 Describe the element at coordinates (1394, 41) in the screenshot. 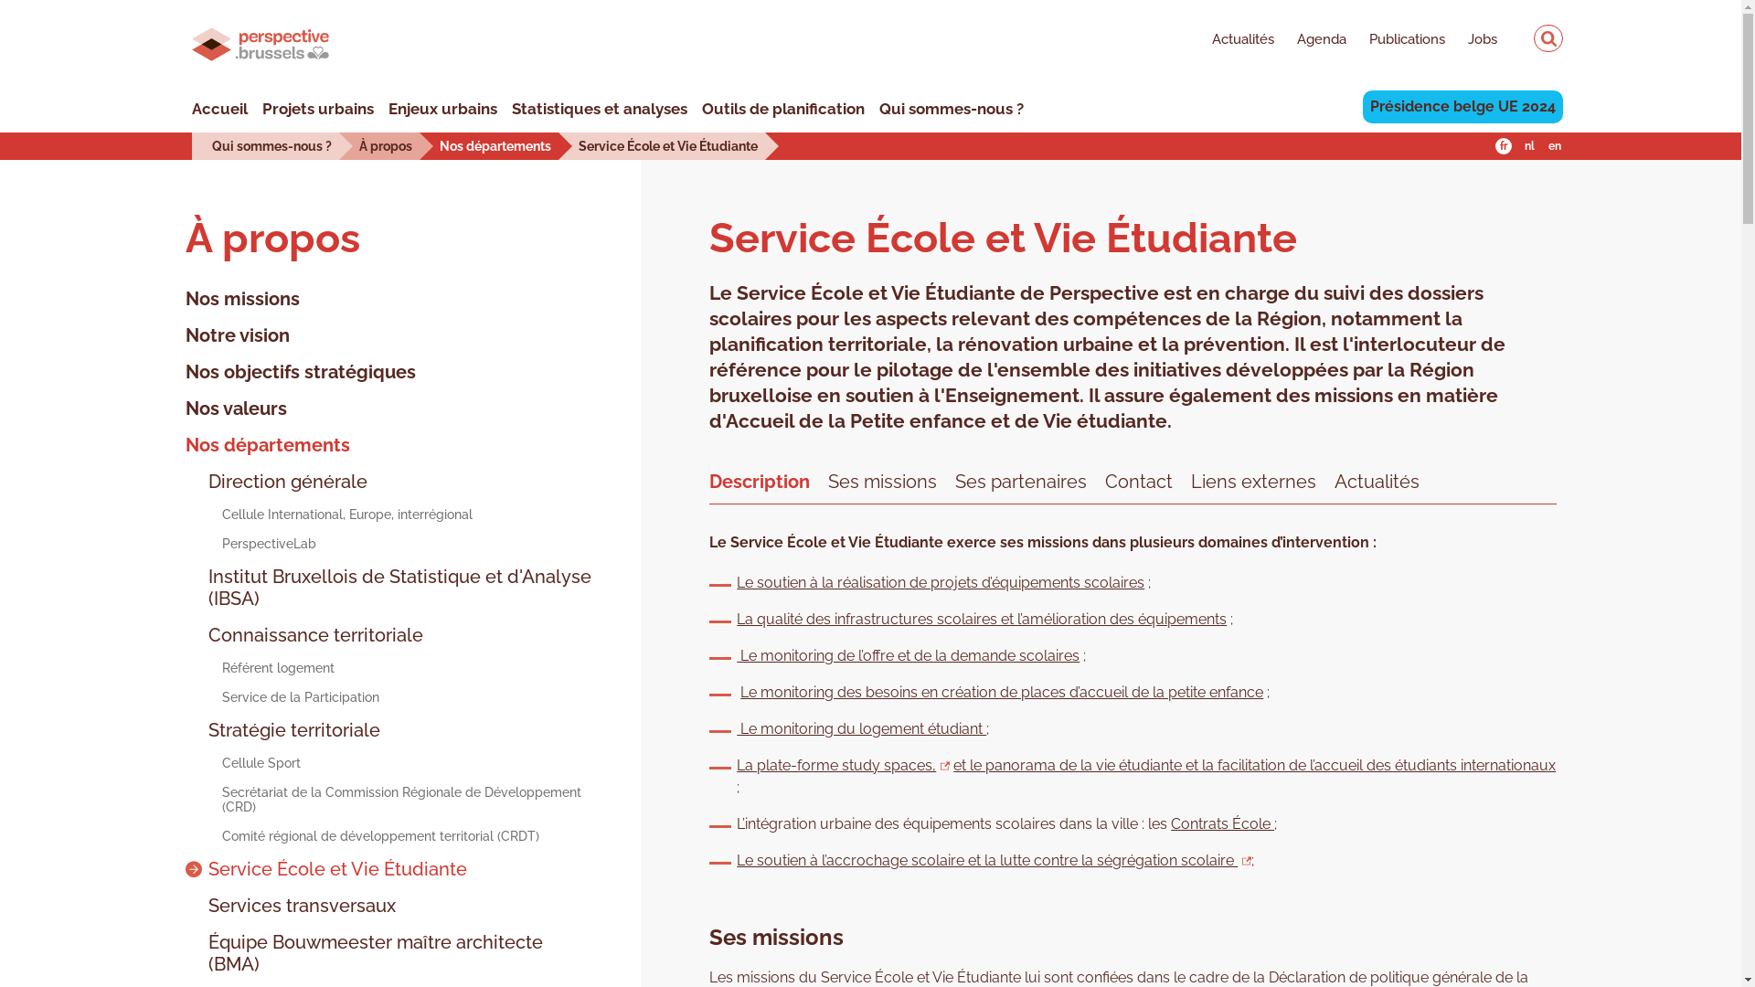

I see `'Publications'` at that location.